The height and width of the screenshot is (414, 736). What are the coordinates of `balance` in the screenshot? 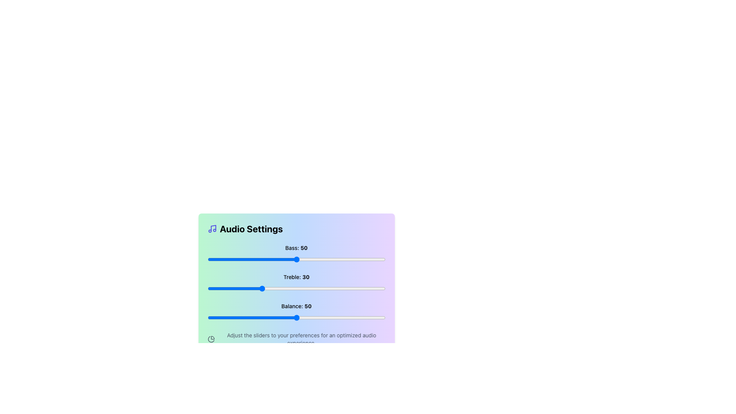 It's located at (362, 318).